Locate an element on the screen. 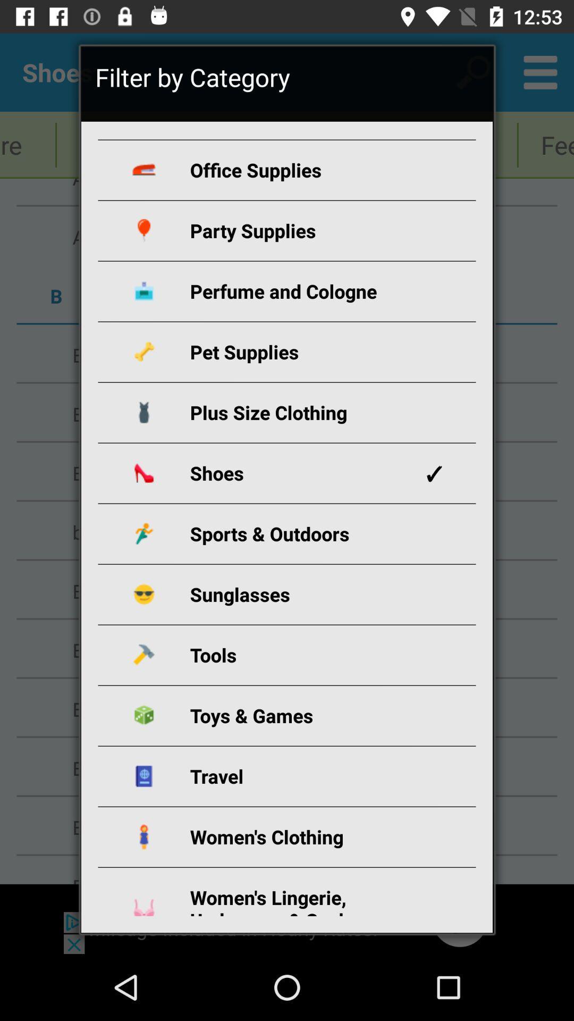 The image size is (574, 1021). app above sports & outdoors app is located at coordinates (299, 472).